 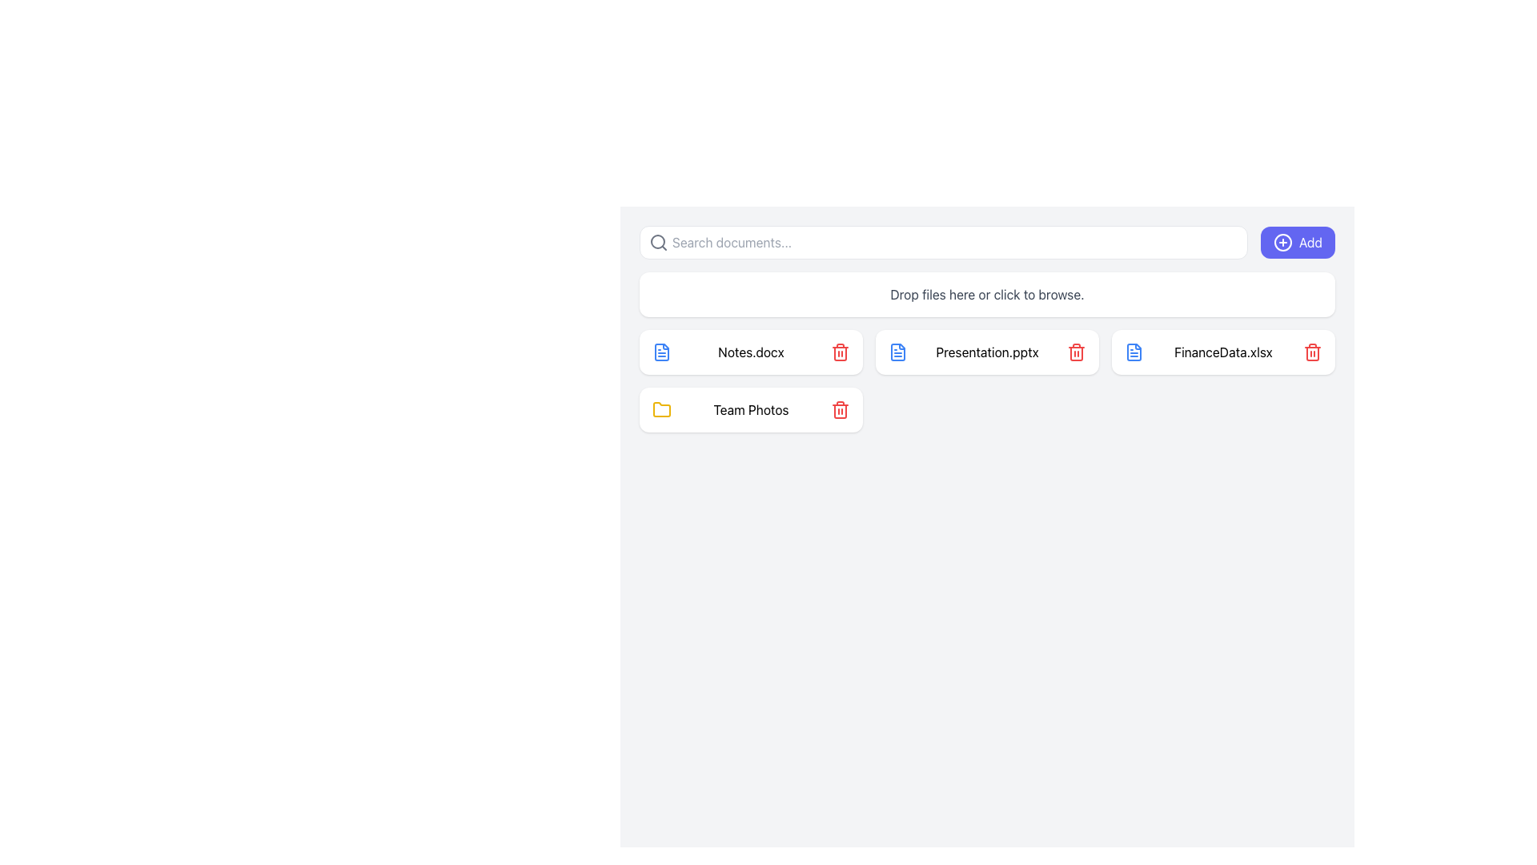 What do you see at coordinates (986, 294) in the screenshot?
I see `the Drag-and-drop file upload area that contains the text 'Drop files here or click to browse'` at bounding box center [986, 294].